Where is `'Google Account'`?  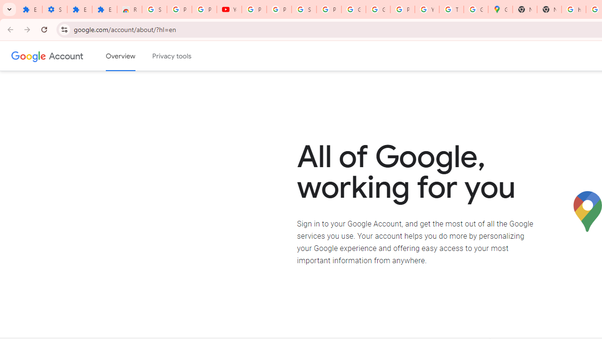
'Google Account' is located at coordinates (65, 56).